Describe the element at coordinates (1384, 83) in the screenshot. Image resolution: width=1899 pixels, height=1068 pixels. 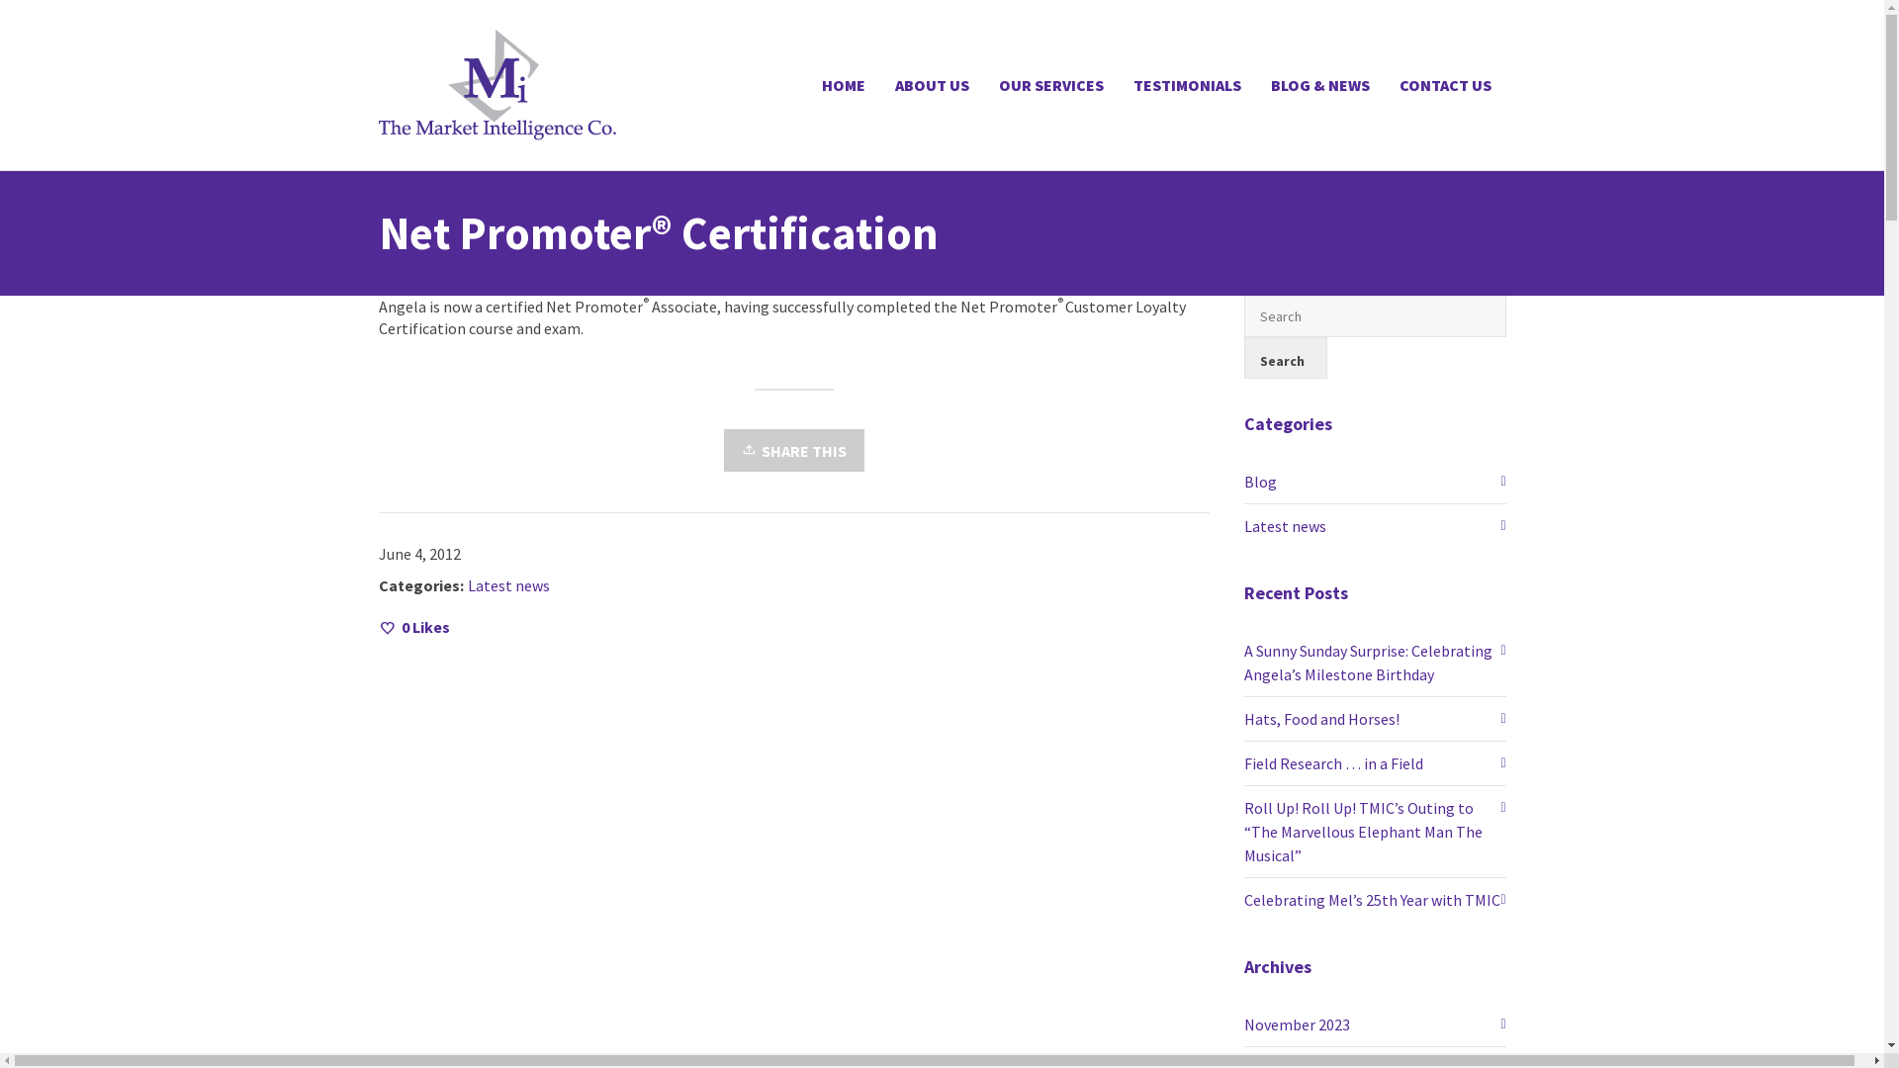
I see `'CONTACT US'` at that location.